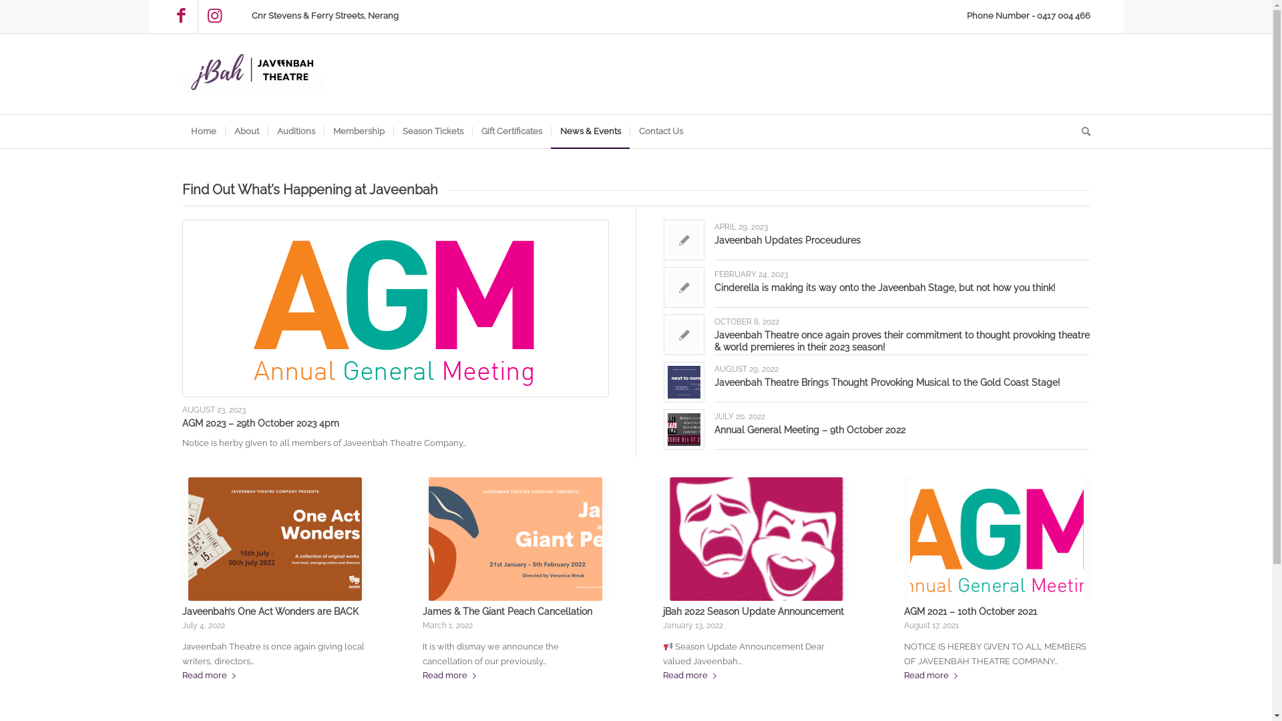  I want to click on 'Javeenbah Updates Proceudures', so click(714, 239).